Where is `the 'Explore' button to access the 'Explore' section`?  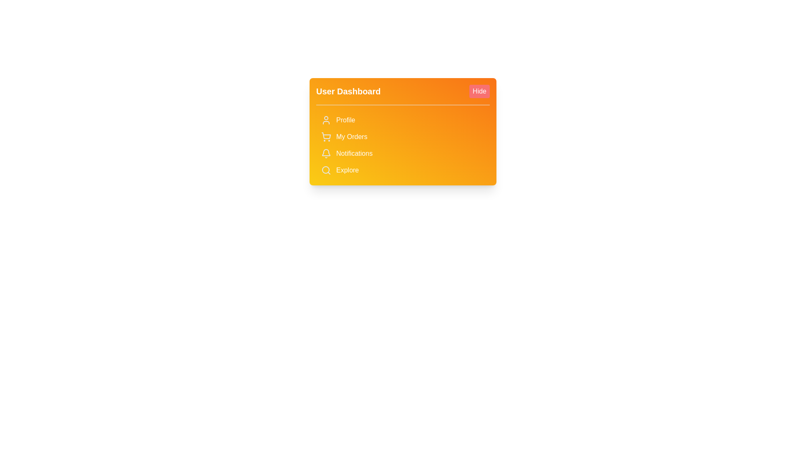
the 'Explore' button to access the 'Explore' section is located at coordinates (403, 170).